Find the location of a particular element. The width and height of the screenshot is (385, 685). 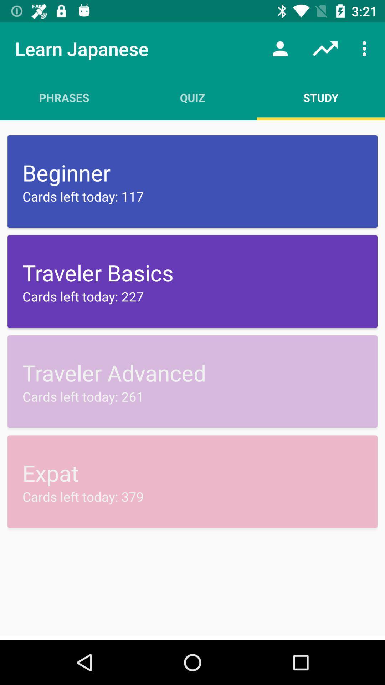

app to the right of the quiz item is located at coordinates (320, 97).